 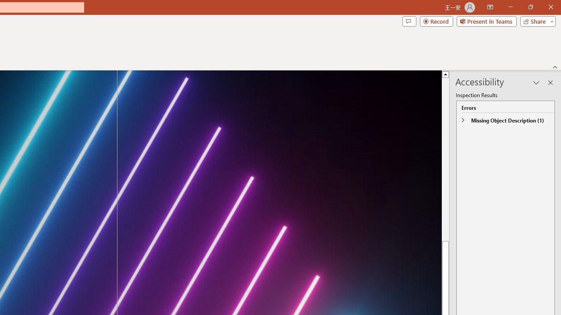 What do you see at coordinates (530, 7) in the screenshot?
I see `'Restore Down'` at bounding box center [530, 7].